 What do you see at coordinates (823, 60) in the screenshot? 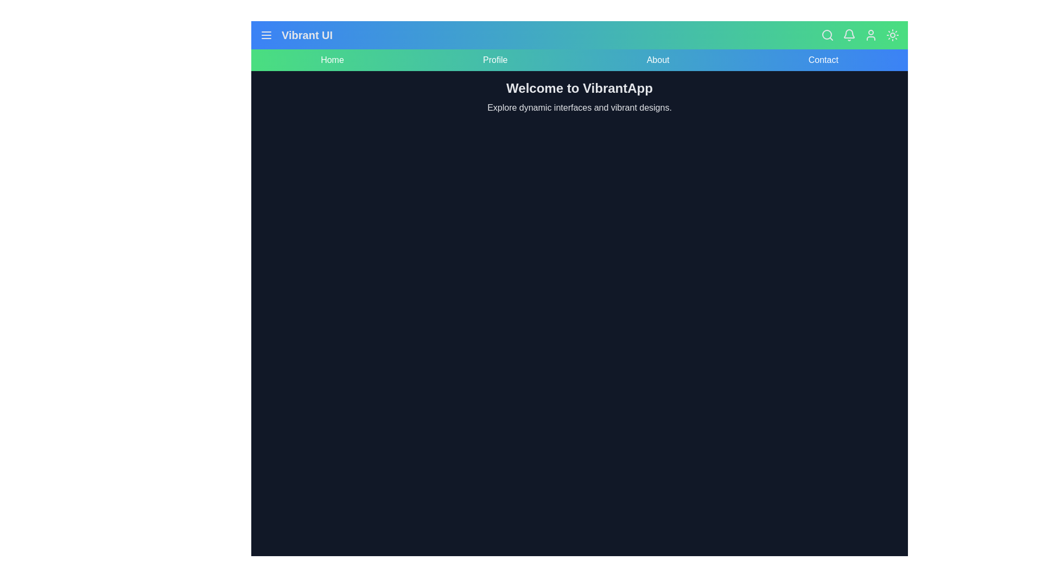
I see `the Contact navigation link` at bounding box center [823, 60].